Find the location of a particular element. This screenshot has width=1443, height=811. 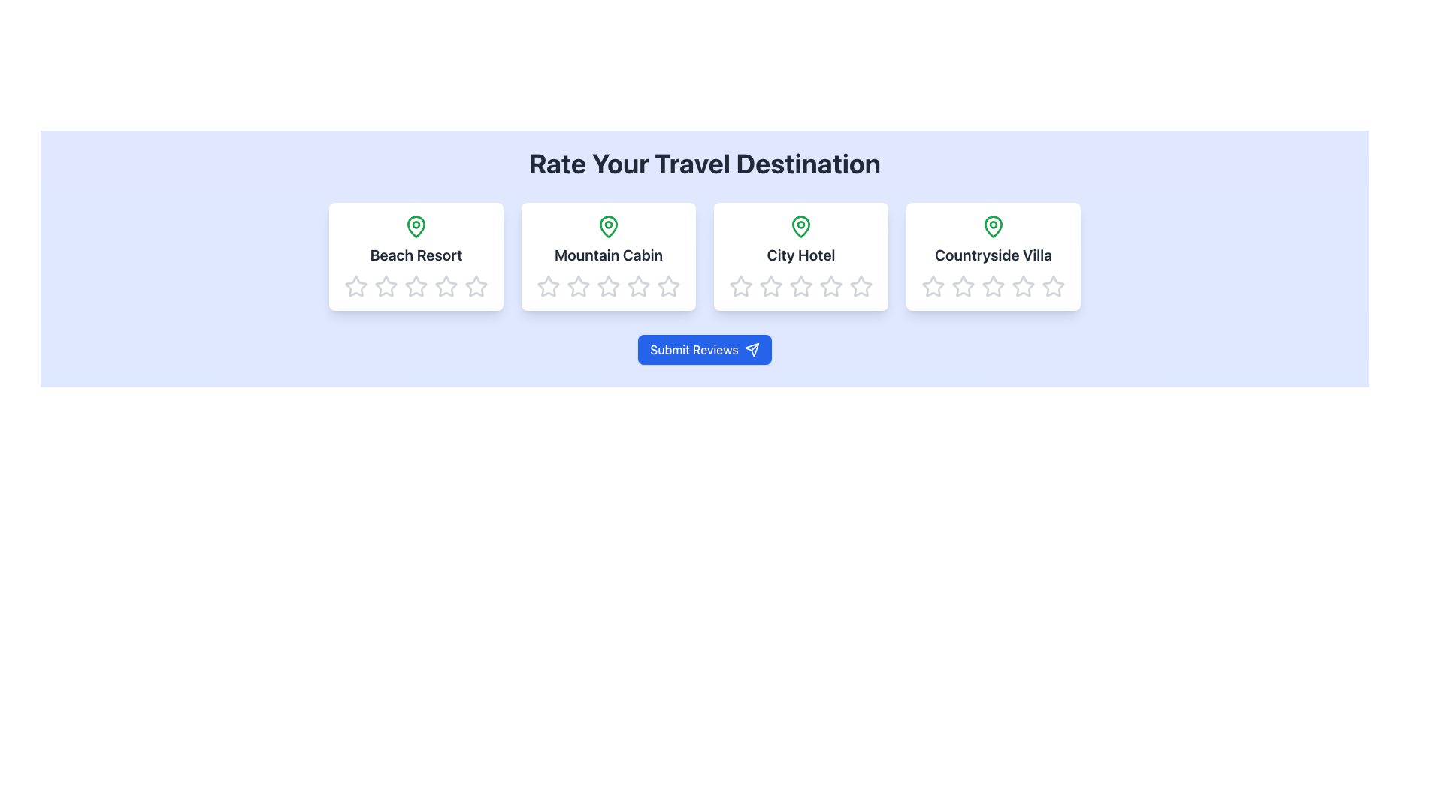

heading element that displays 'Rate Your Travel Destination', which is a large, bold text positioned centrally at the top of the content section is located at coordinates (703, 164).